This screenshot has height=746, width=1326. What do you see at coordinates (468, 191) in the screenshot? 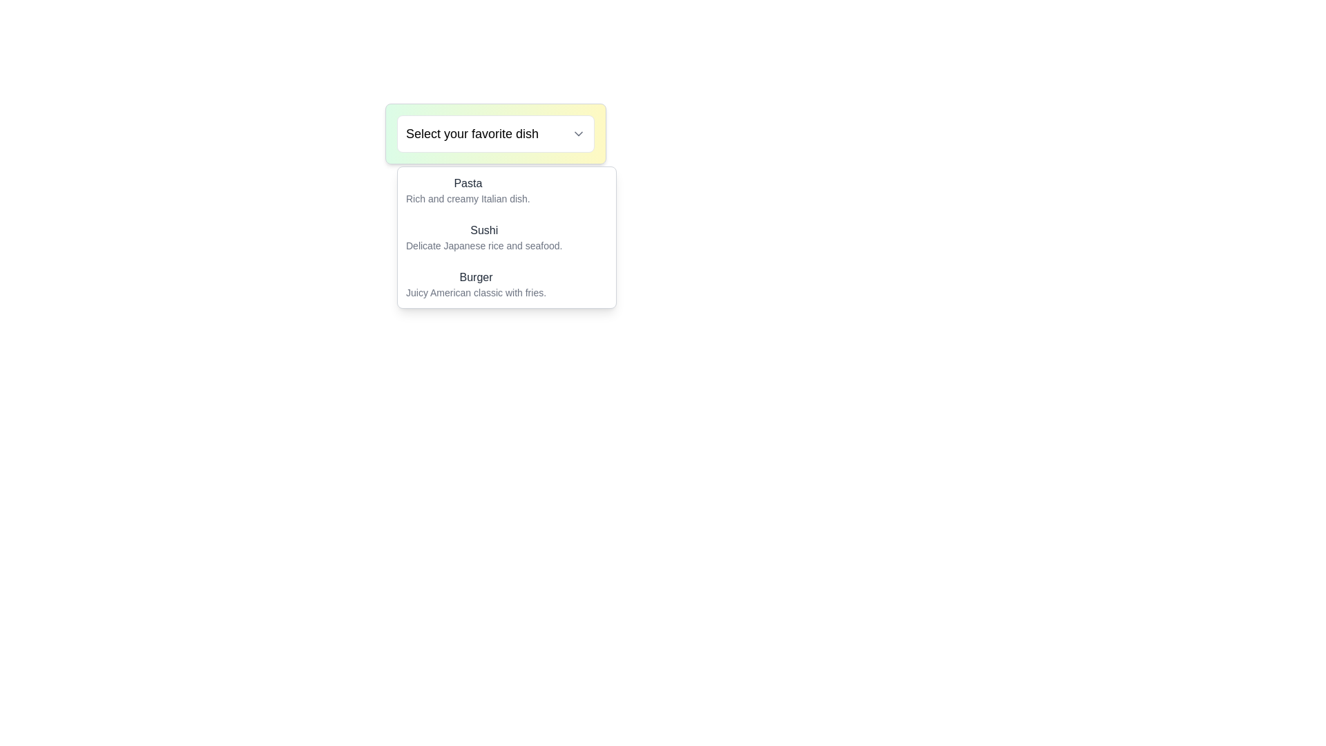
I see `the 'Pasta' Text Display Block in the dropdown menu` at bounding box center [468, 191].